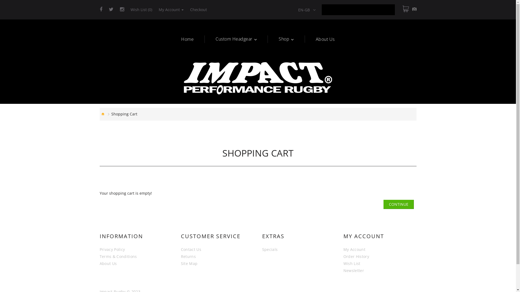 This screenshot has width=520, height=292. What do you see at coordinates (409, 9) in the screenshot?
I see `'0'` at bounding box center [409, 9].